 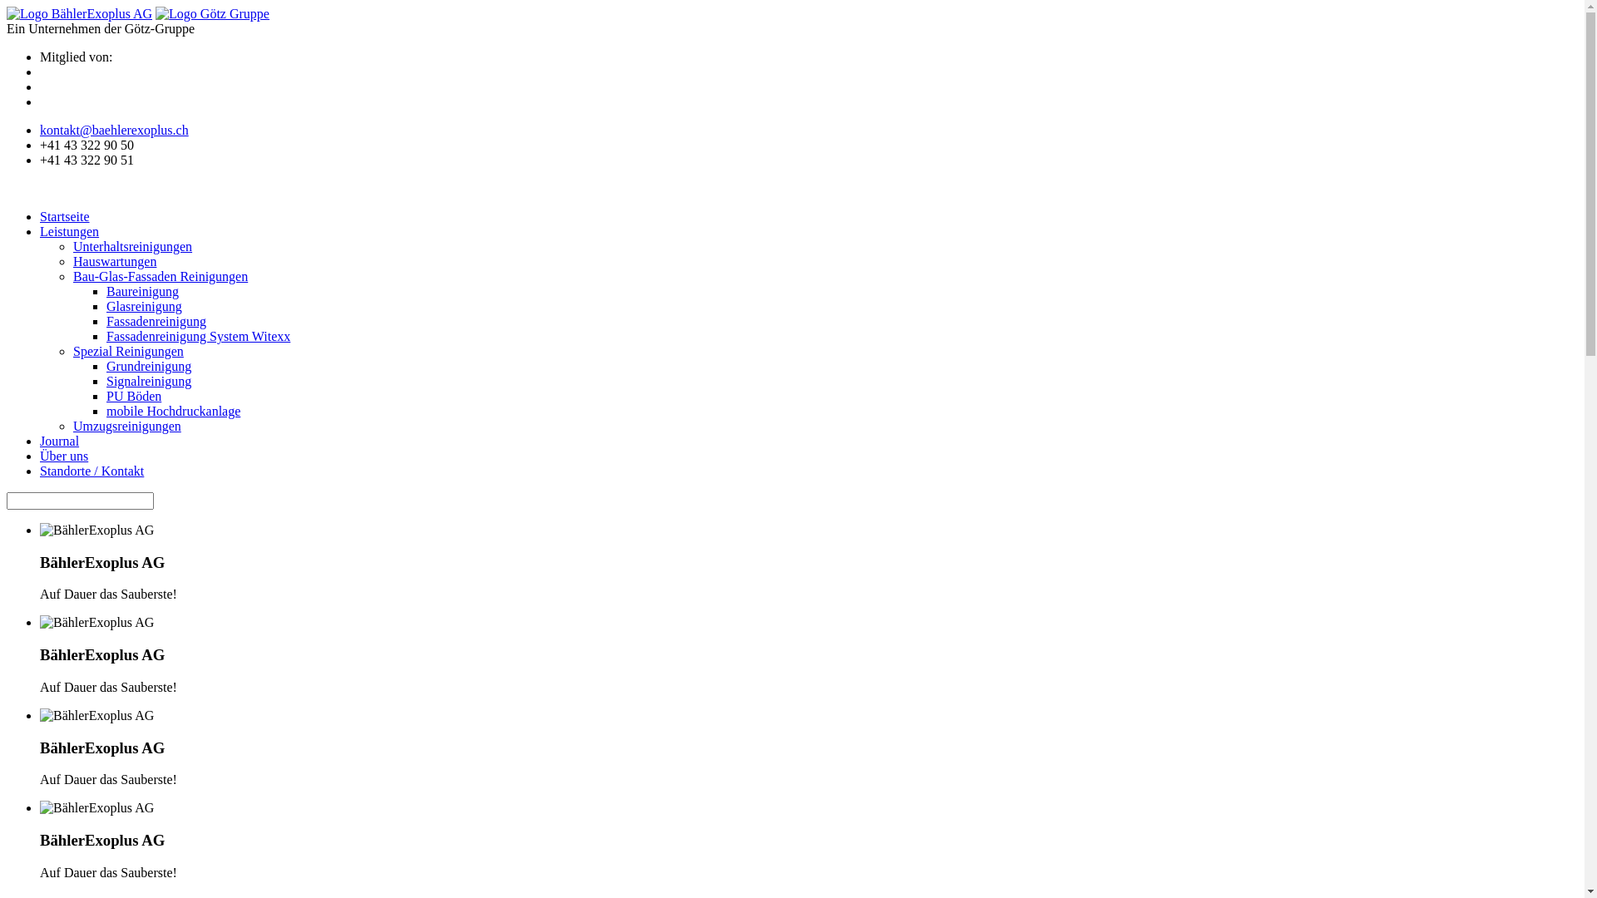 What do you see at coordinates (72, 246) in the screenshot?
I see `'Unterhaltsreinigungen'` at bounding box center [72, 246].